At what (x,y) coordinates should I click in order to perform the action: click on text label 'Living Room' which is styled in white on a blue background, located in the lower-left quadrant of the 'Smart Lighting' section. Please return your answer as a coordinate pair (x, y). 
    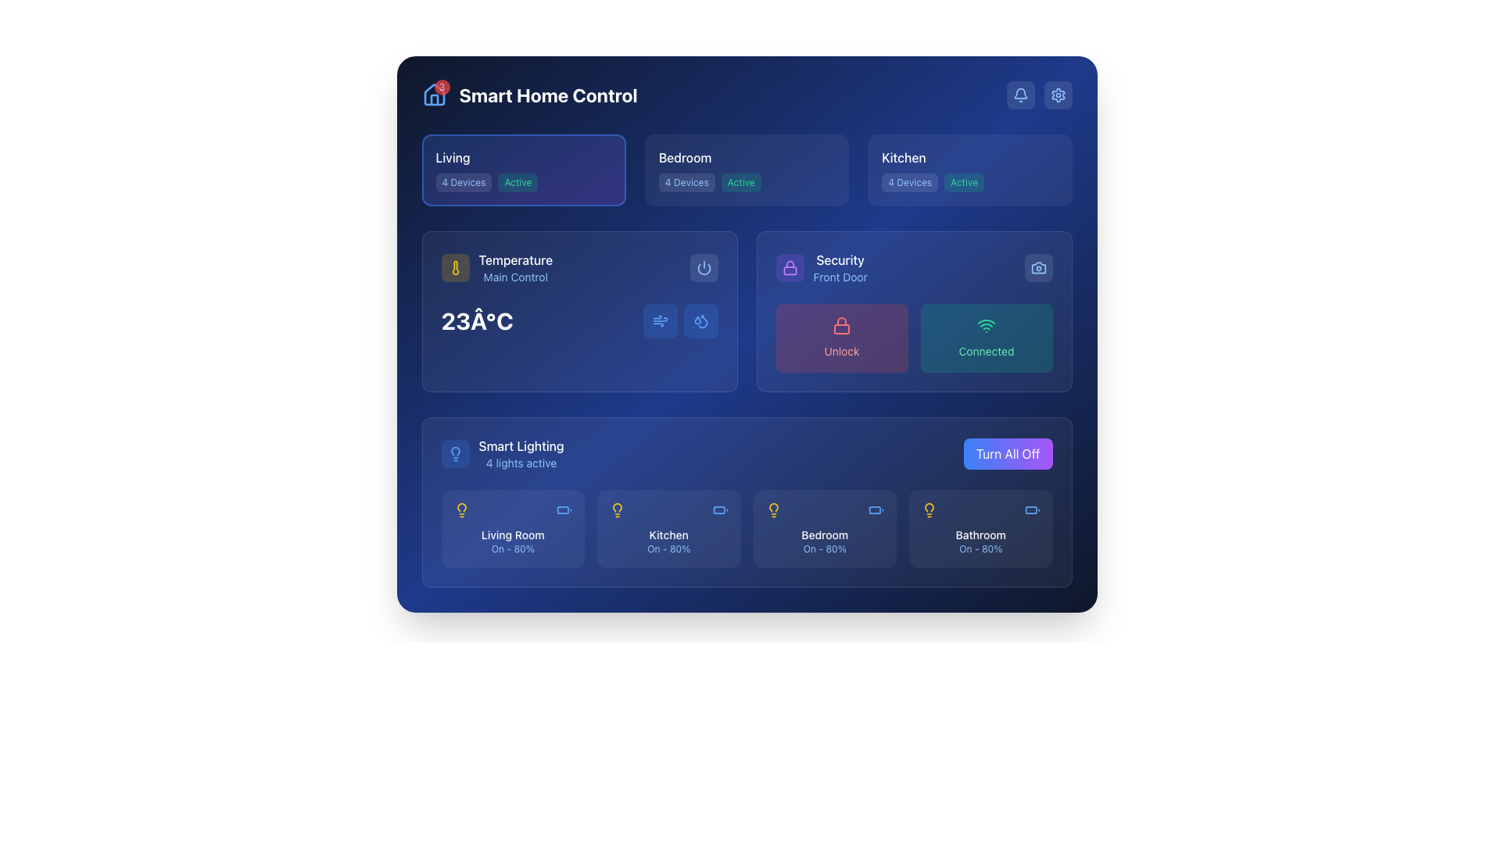
    Looking at the image, I should click on (513, 535).